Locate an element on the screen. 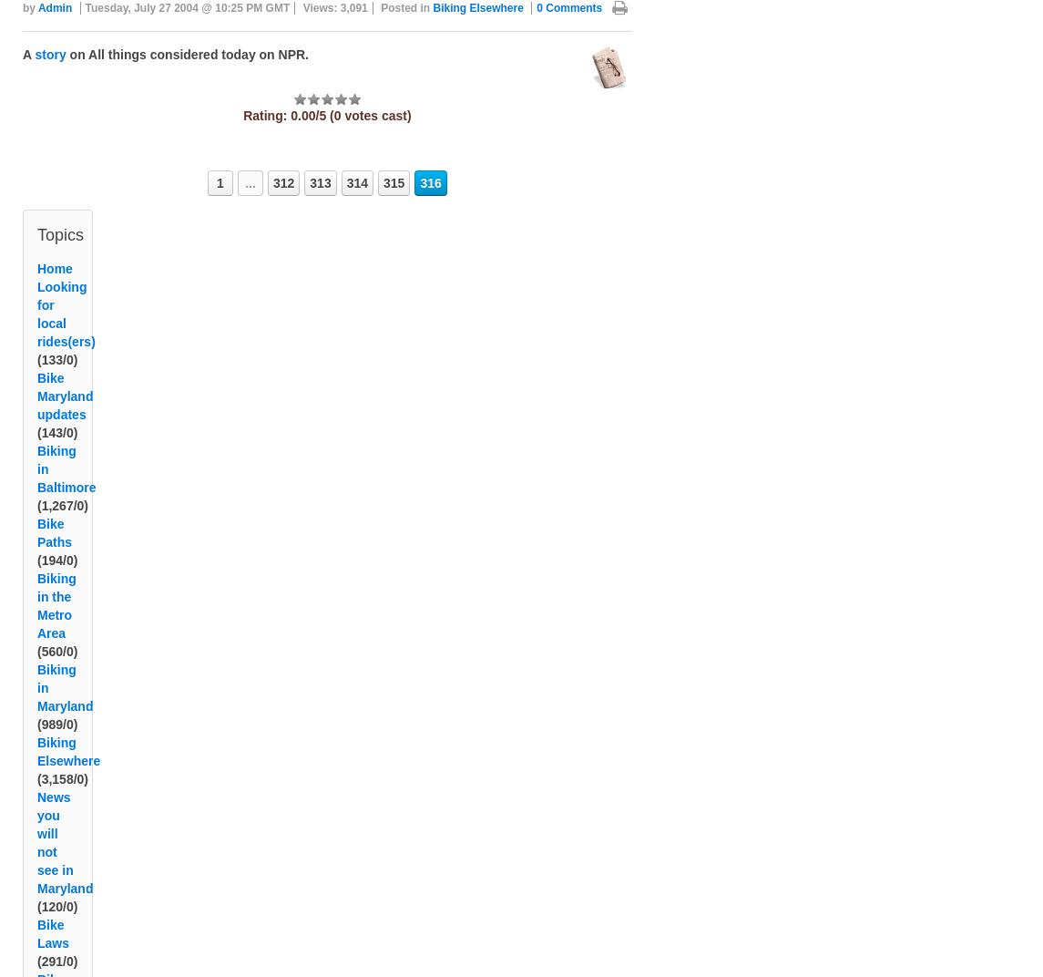 The height and width of the screenshot is (977, 1043). '(133/0)' is located at coordinates (56, 381).